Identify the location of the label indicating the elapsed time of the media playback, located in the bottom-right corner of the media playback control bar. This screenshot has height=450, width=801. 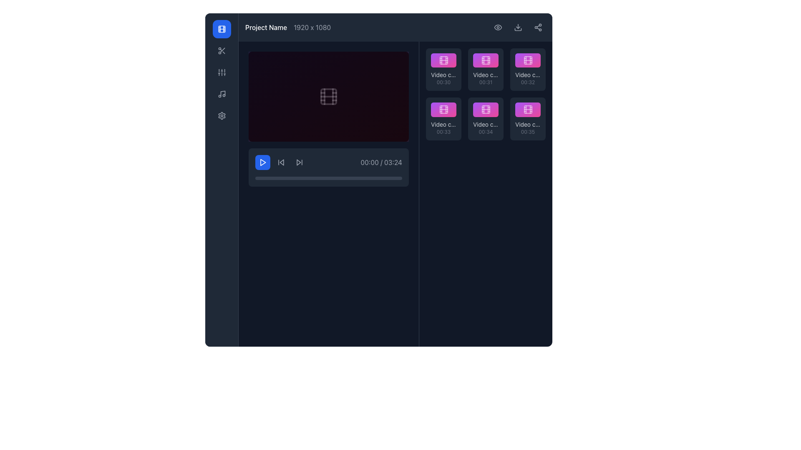
(381, 162).